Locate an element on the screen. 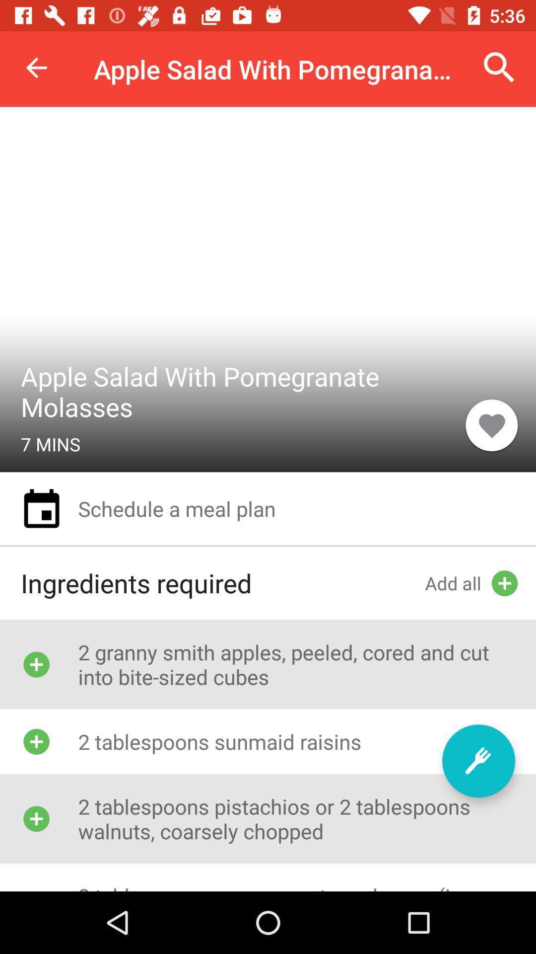 The height and width of the screenshot is (954, 536). the item next to the apple salad with item is located at coordinates (499, 67).